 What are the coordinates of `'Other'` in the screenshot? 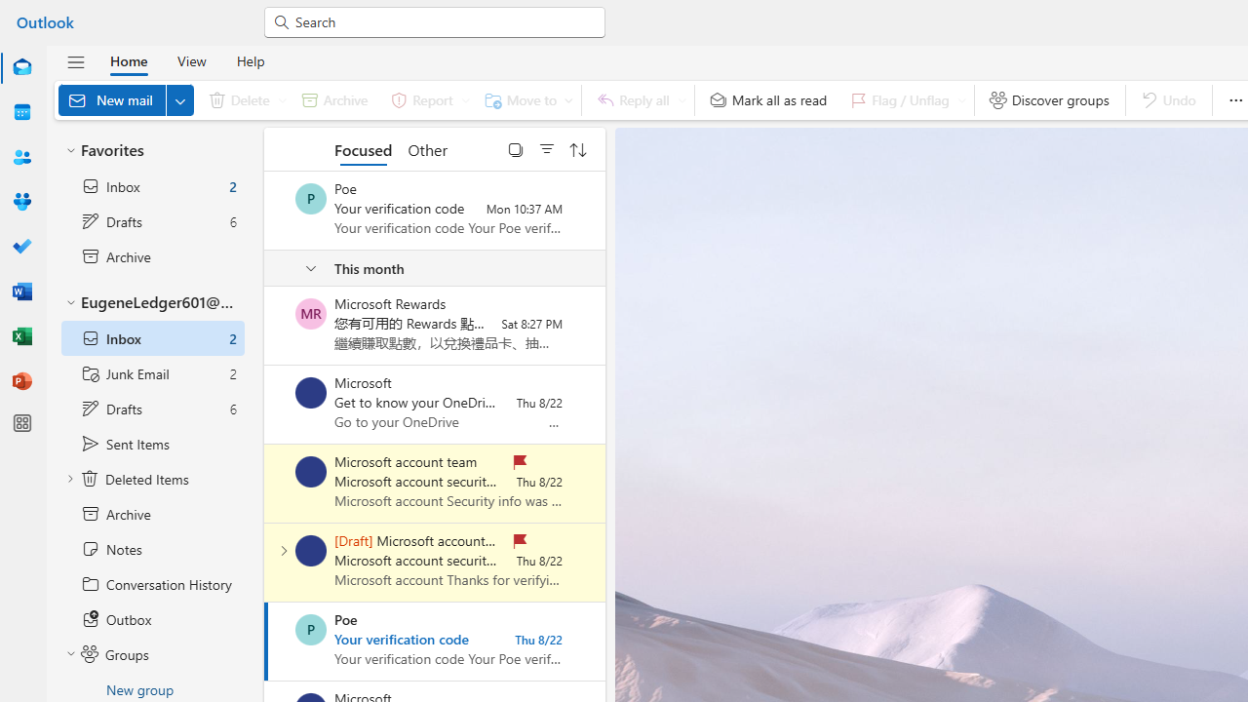 It's located at (426, 148).